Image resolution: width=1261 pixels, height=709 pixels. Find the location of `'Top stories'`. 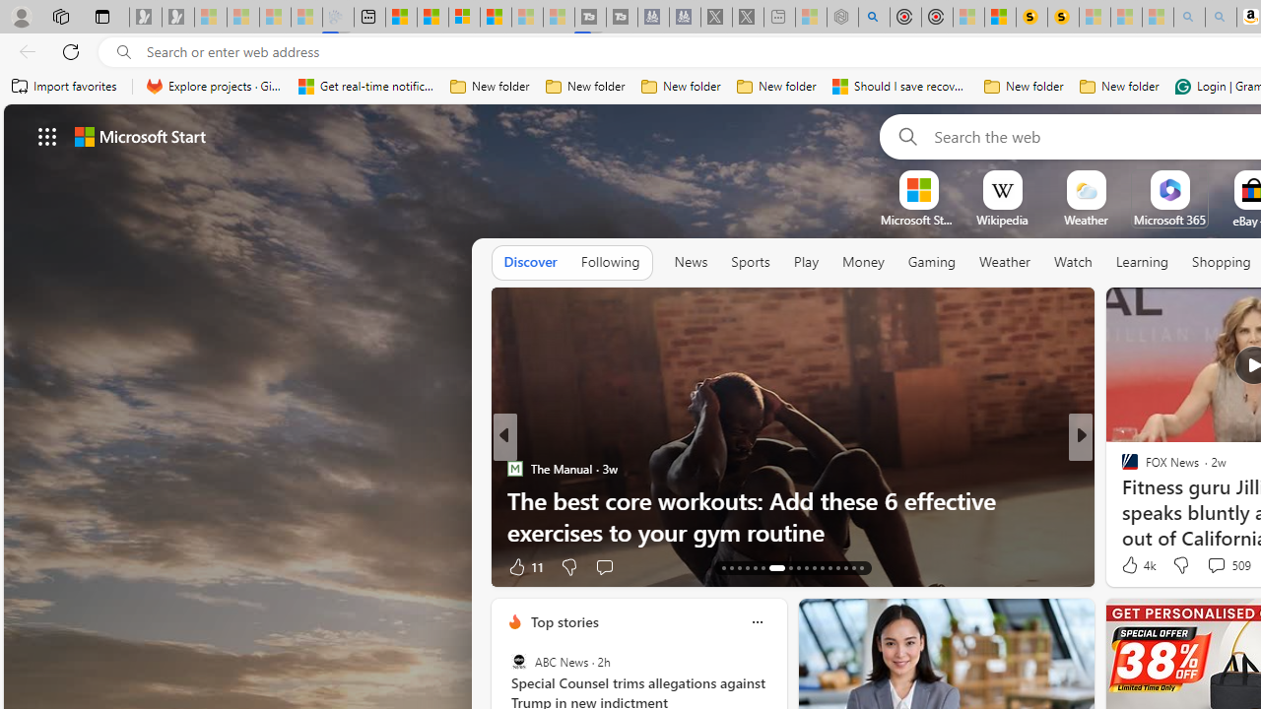

'Top stories' is located at coordinates (563, 621).